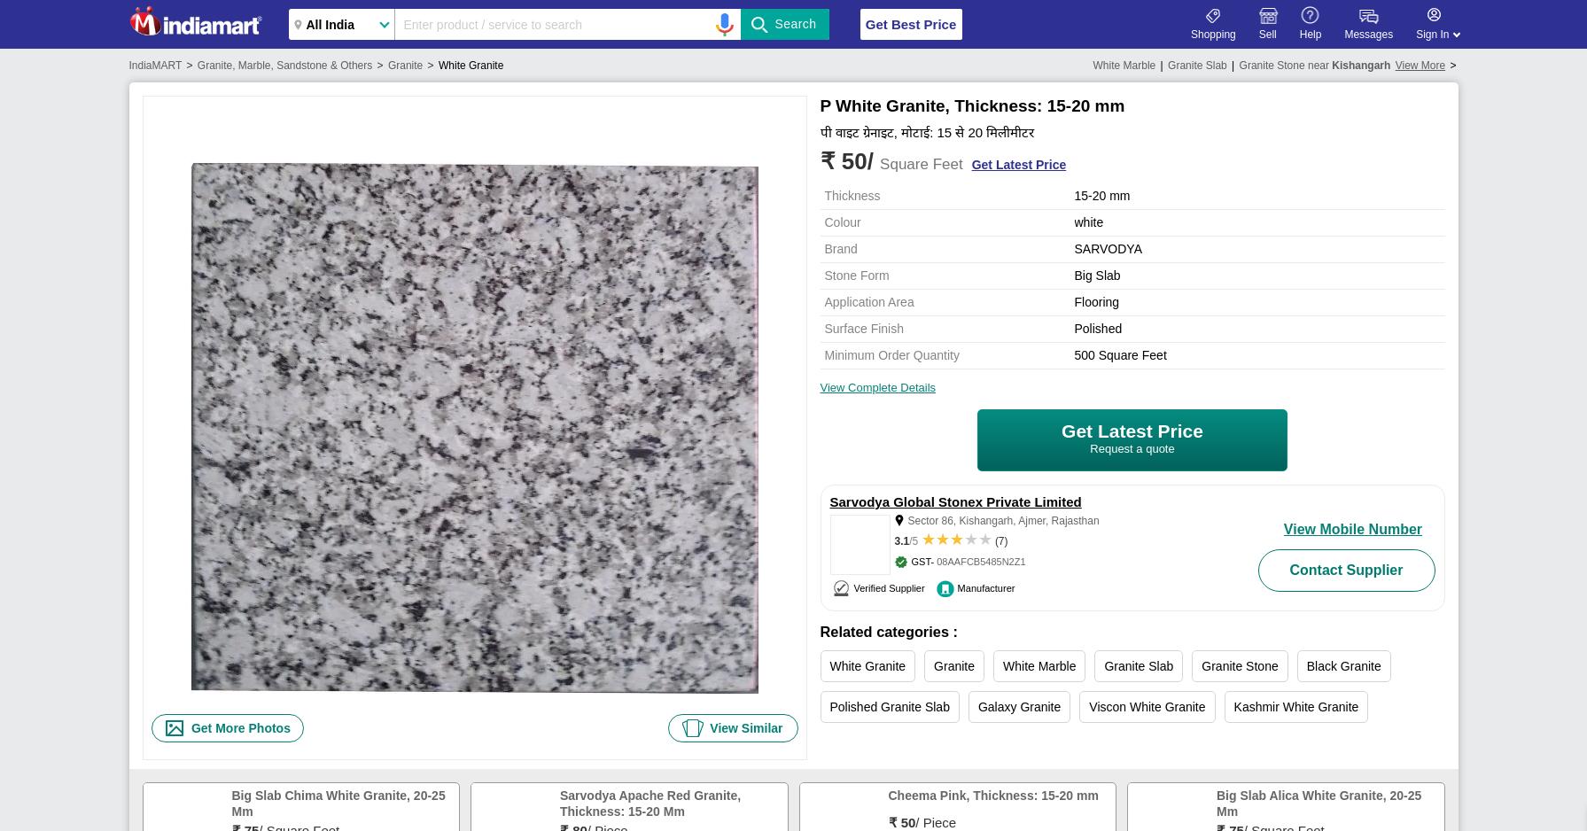  What do you see at coordinates (154, 66) in the screenshot?
I see `'IndiaMART'` at bounding box center [154, 66].